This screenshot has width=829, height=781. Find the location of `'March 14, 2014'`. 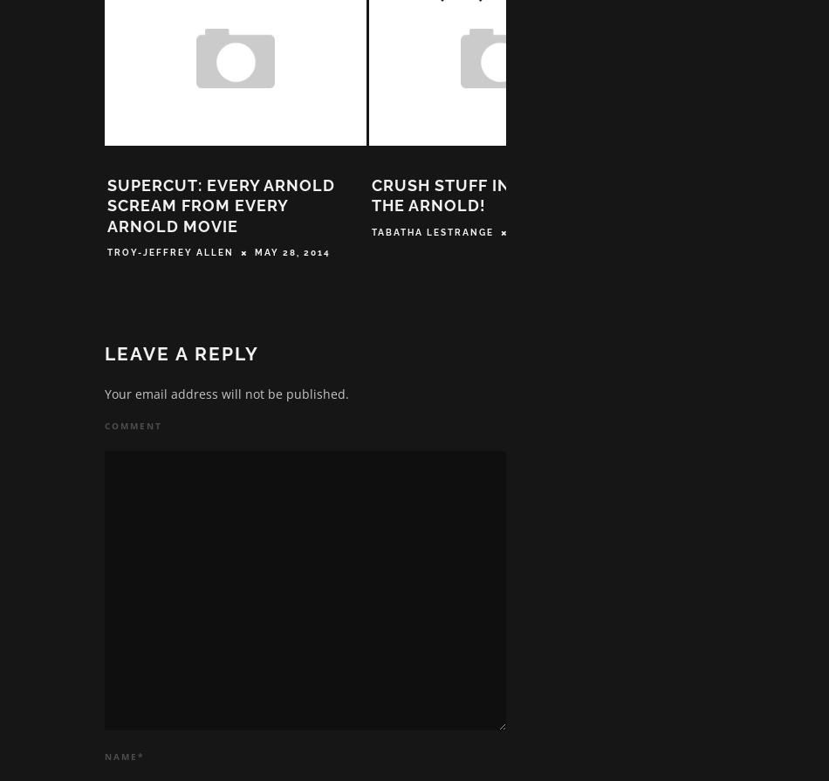

'March 14, 2014' is located at coordinates (560, 237).